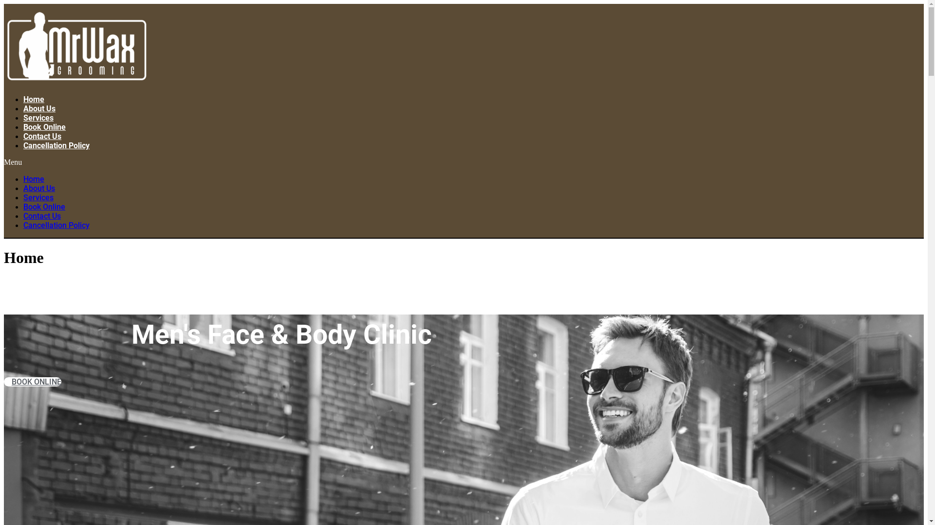 This screenshot has height=525, width=935. Describe the element at coordinates (23, 197) in the screenshot. I see `'Services'` at that location.